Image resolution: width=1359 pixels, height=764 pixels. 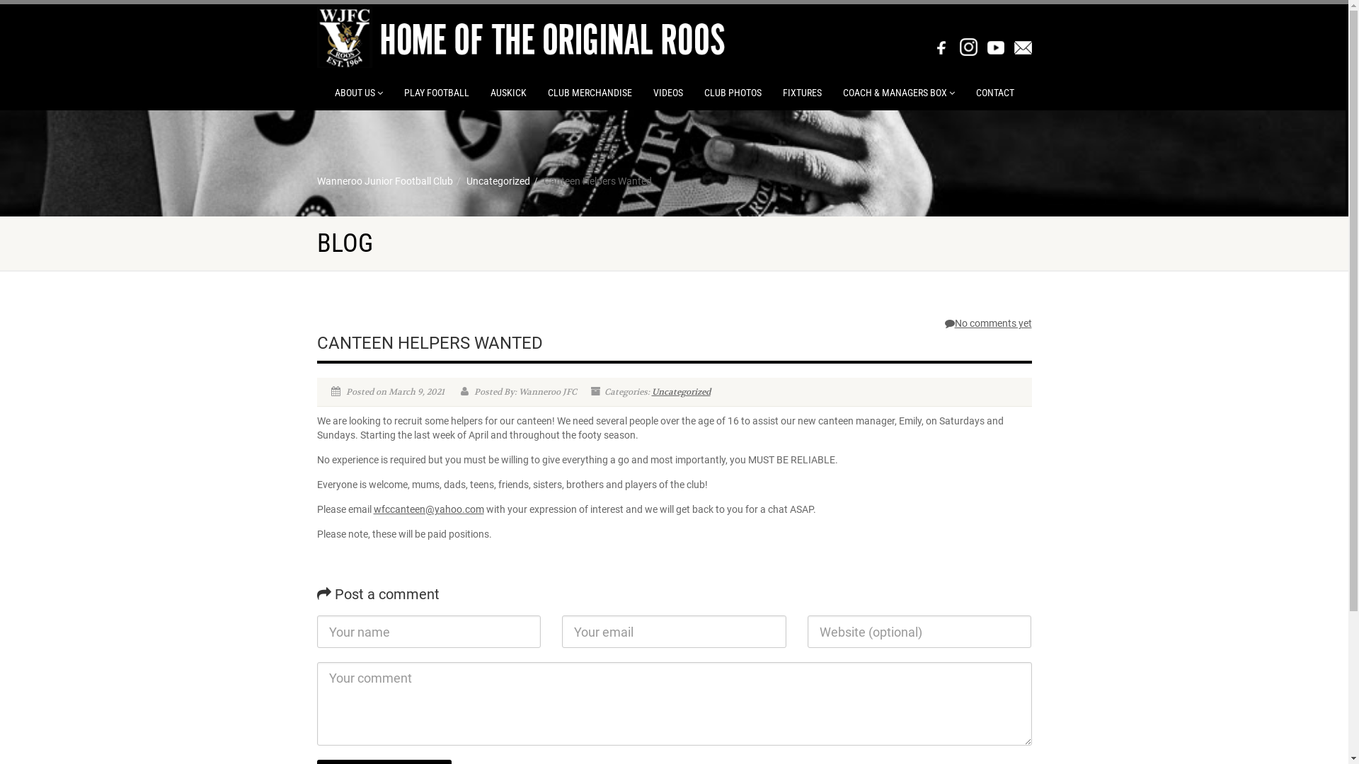 I want to click on 'FIXTURES', so click(x=801, y=93).